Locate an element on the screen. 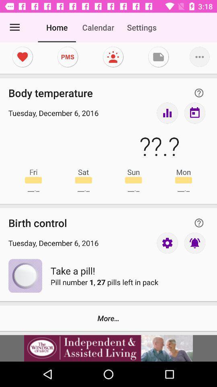 The height and width of the screenshot is (387, 217). help button is located at coordinates (199, 93).